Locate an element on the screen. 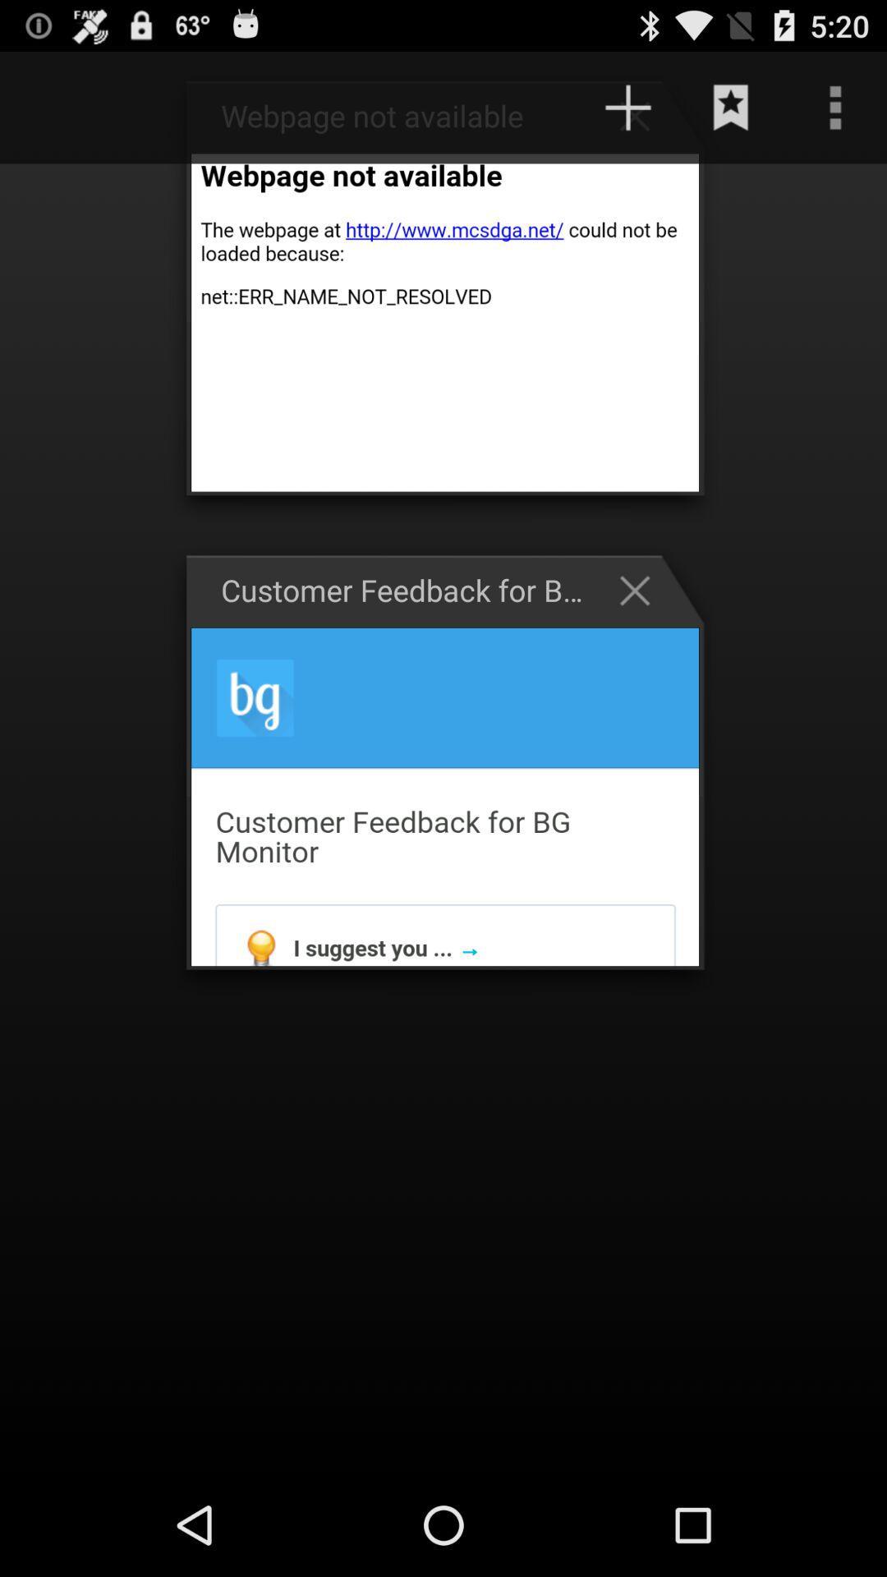 This screenshot has width=887, height=1577. the add icon is located at coordinates (627, 114).